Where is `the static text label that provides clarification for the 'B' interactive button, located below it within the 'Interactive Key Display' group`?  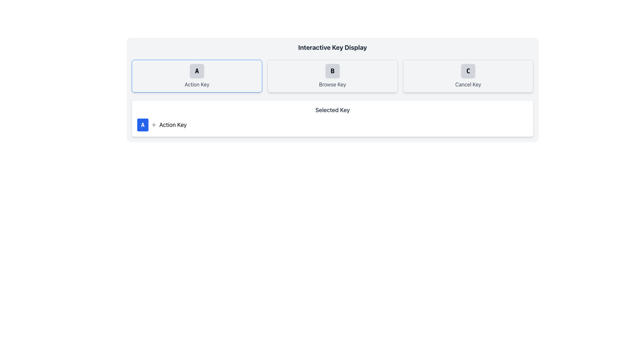 the static text label that provides clarification for the 'B' interactive button, located below it within the 'Interactive Key Display' group is located at coordinates (333, 84).